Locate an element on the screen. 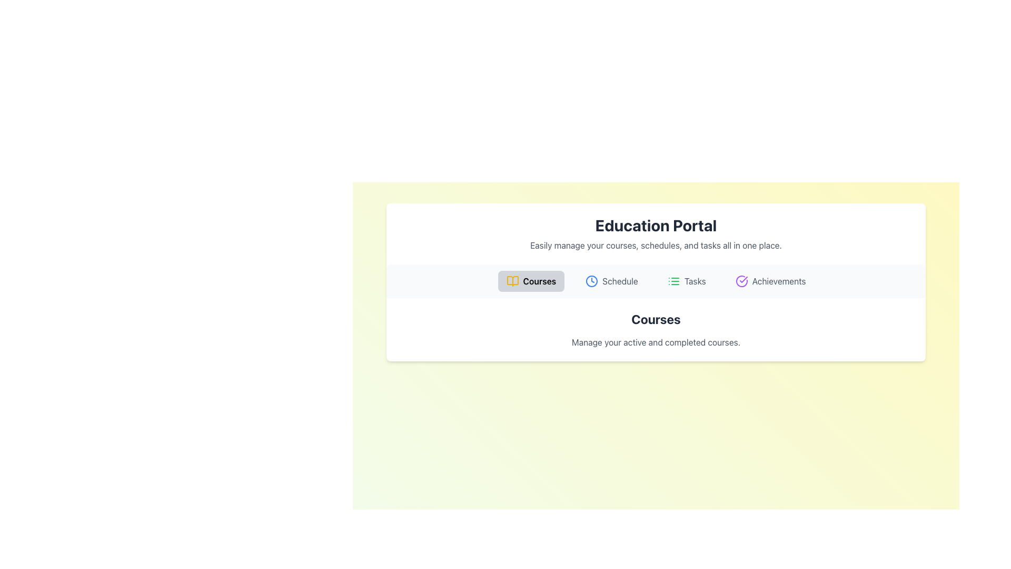 Image resolution: width=1011 pixels, height=569 pixels. the rightmost text label of the third icon-label pair in the horizontal navigation bar, which serves as a label for the 'Tasks' section is located at coordinates (695, 280).